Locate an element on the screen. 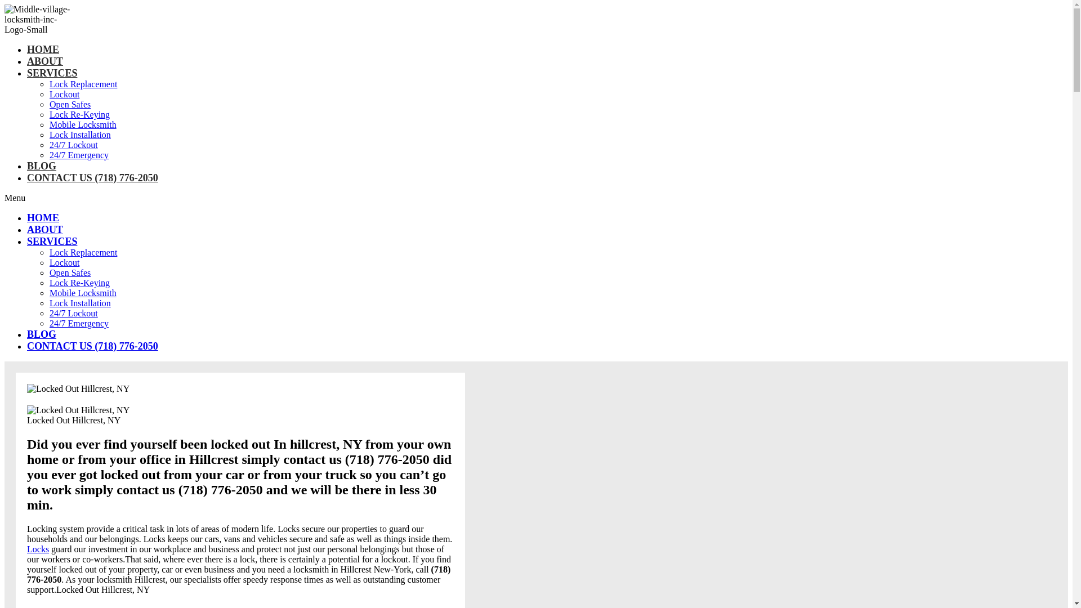 This screenshot has width=1081, height=608. 'Lock Replacement' is located at coordinates (48, 252).